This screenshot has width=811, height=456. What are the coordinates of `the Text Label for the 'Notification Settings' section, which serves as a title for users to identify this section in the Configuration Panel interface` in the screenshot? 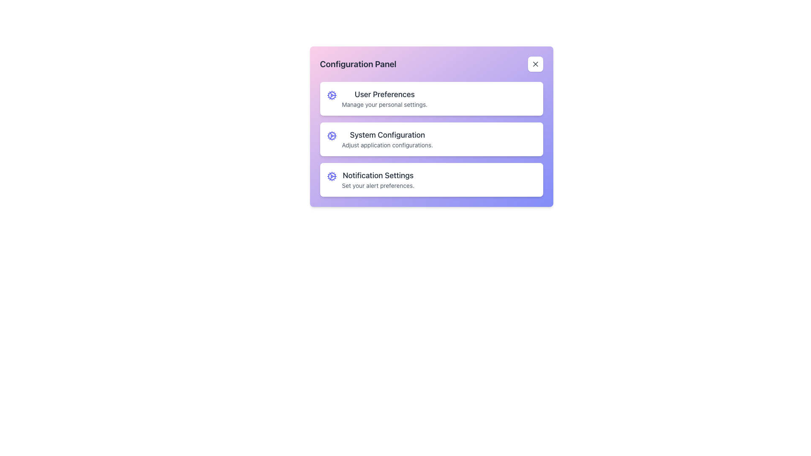 It's located at (378, 175).